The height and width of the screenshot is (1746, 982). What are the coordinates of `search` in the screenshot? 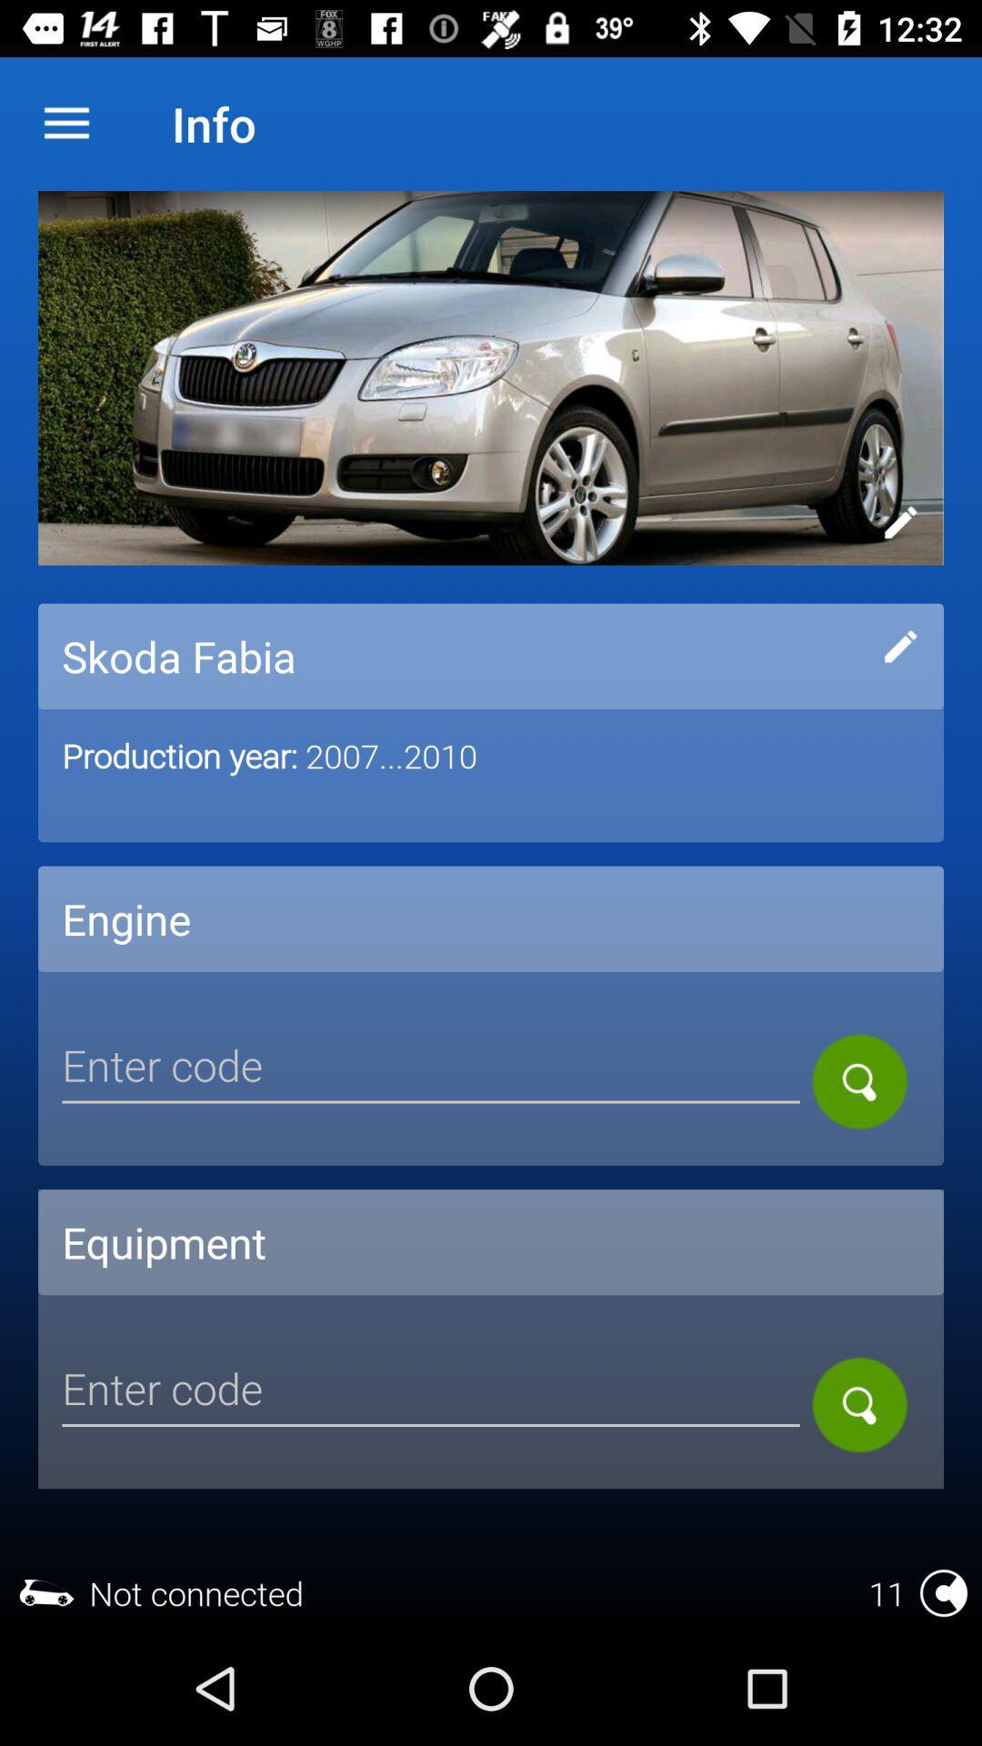 It's located at (431, 1390).